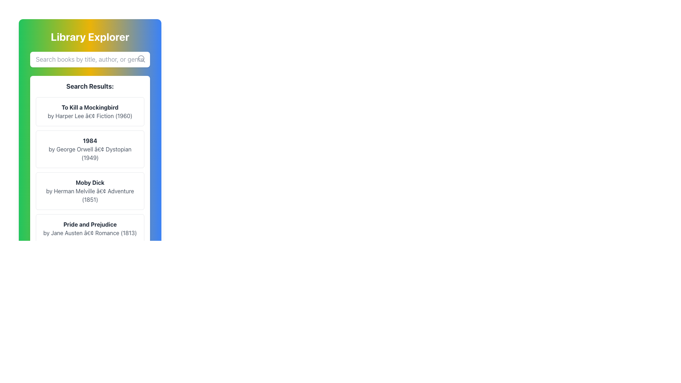 The height and width of the screenshot is (383, 681). I want to click on the text element containing 'by Jane Austen • Romance (1813)' that is located beneath the title 'Pride and Prejudice' in the card layout, so click(90, 233).